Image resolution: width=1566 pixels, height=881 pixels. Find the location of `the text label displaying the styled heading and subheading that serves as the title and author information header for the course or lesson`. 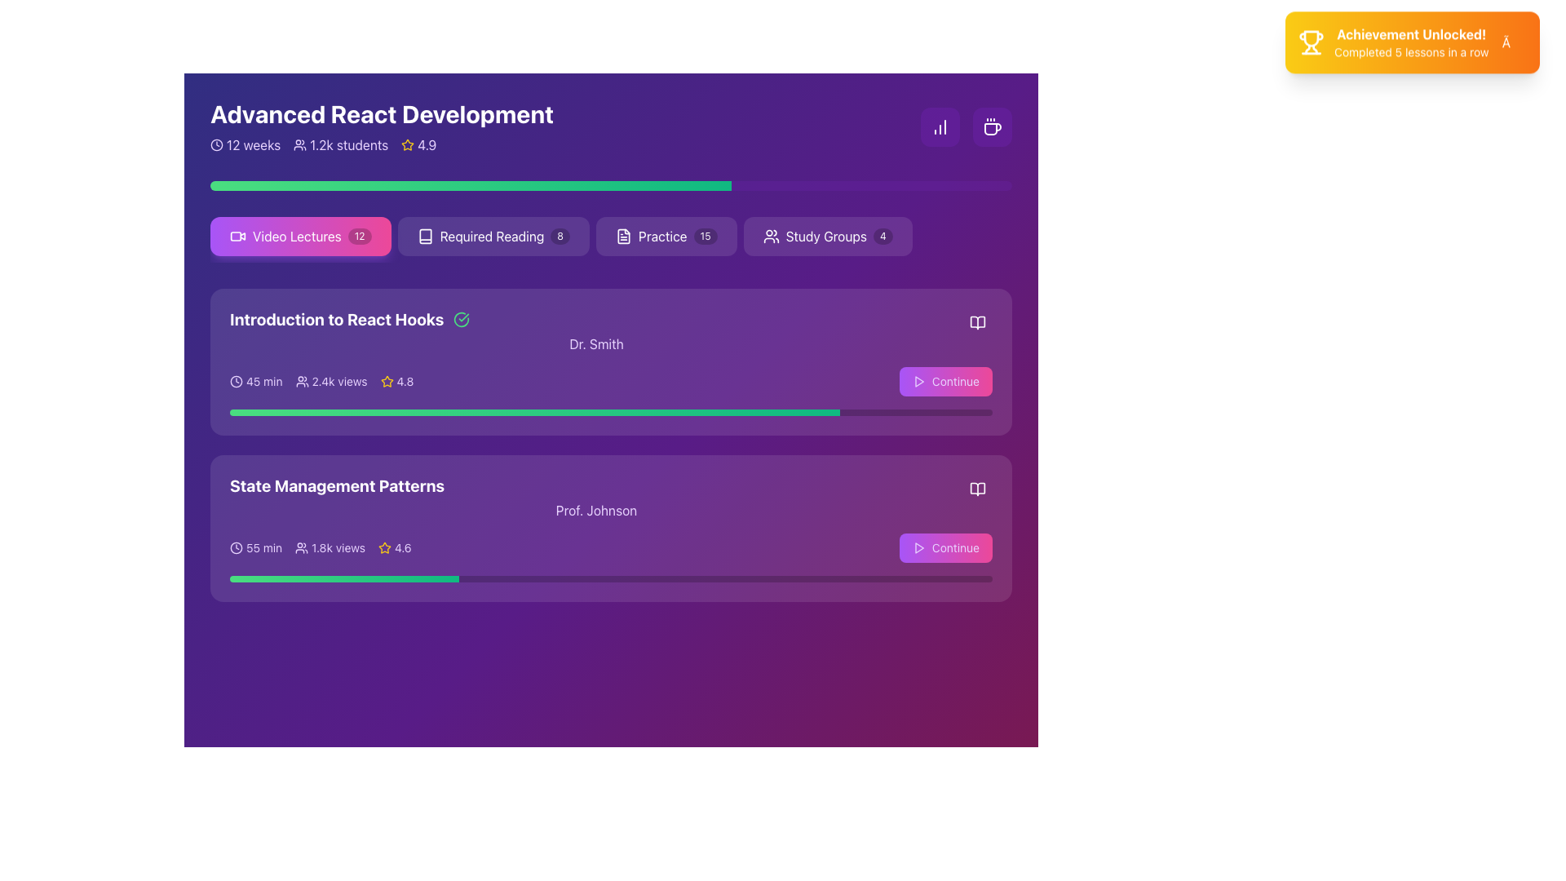

the text label displaying the styled heading and subheading that serves as the title and author information header for the course or lesson is located at coordinates (610, 330).